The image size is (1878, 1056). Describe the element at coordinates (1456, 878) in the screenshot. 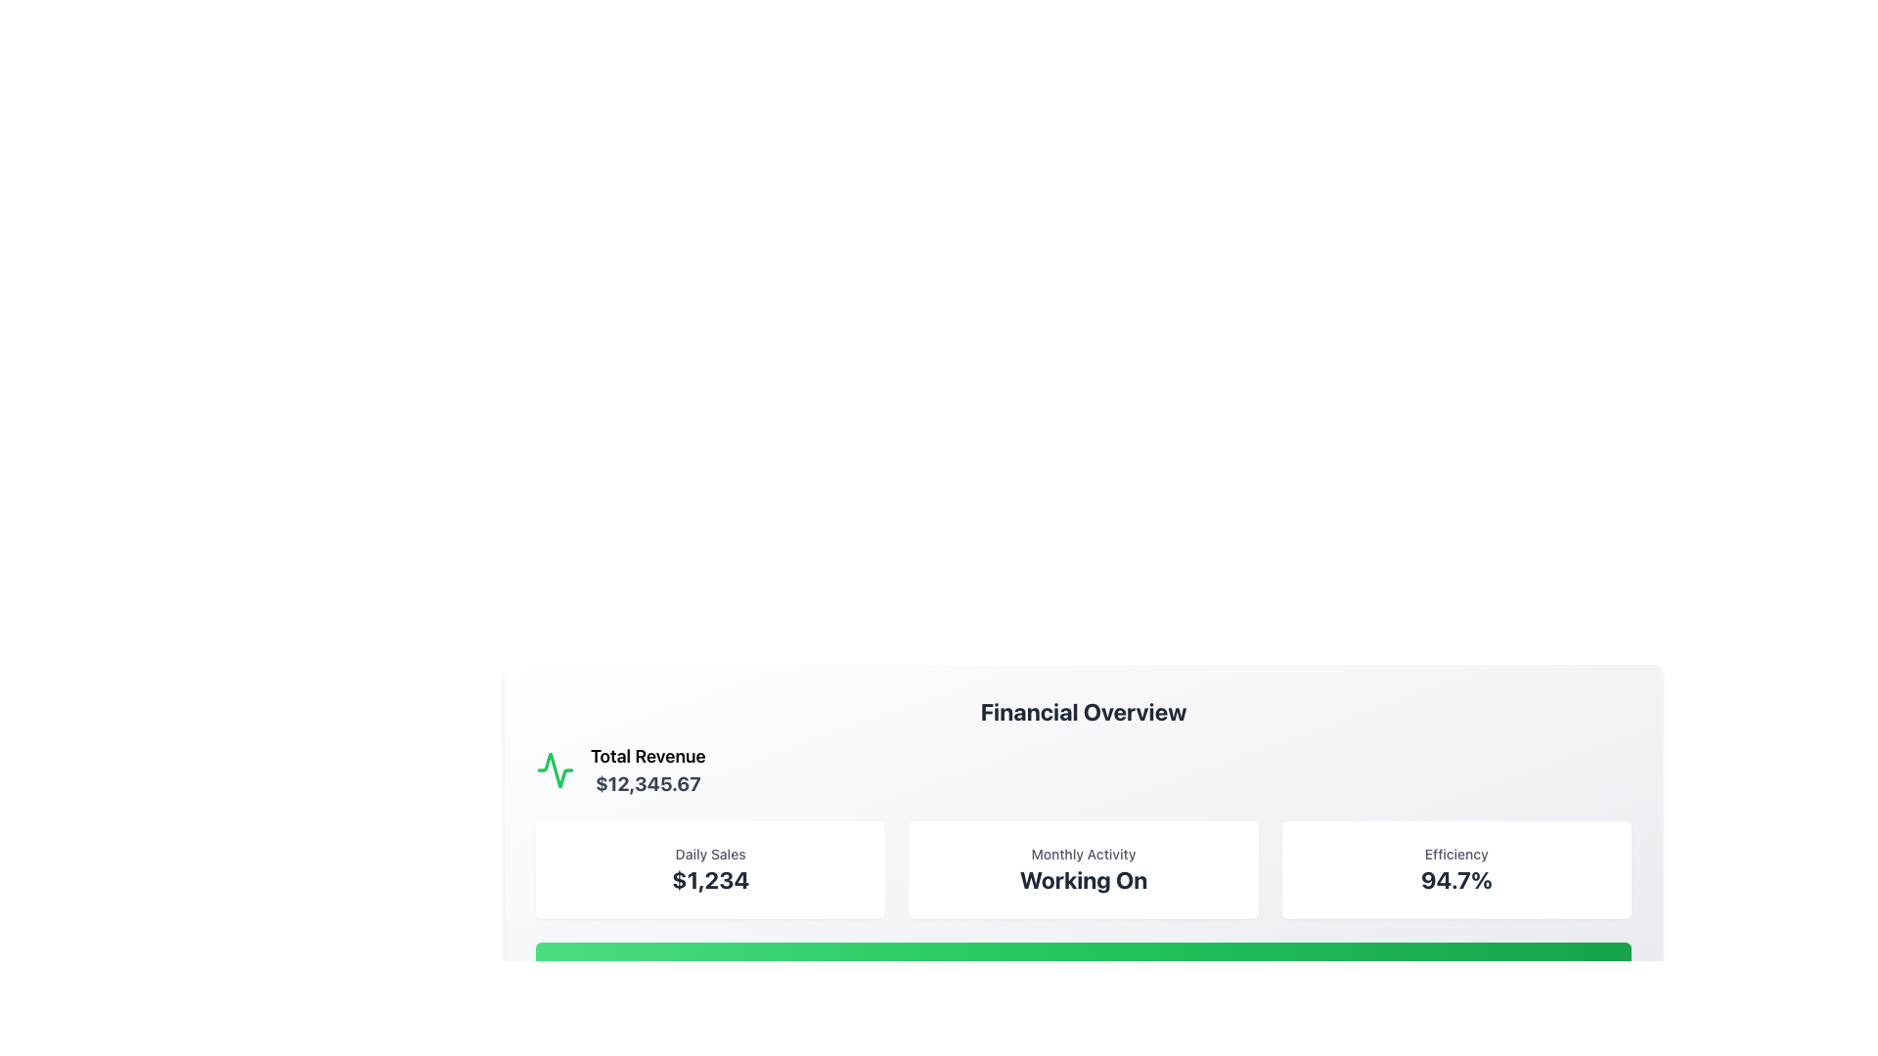

I see `the text content displaying a percentage value related to performance metrics located below 'Efficiency' in the Financial Overview panel` at that location.